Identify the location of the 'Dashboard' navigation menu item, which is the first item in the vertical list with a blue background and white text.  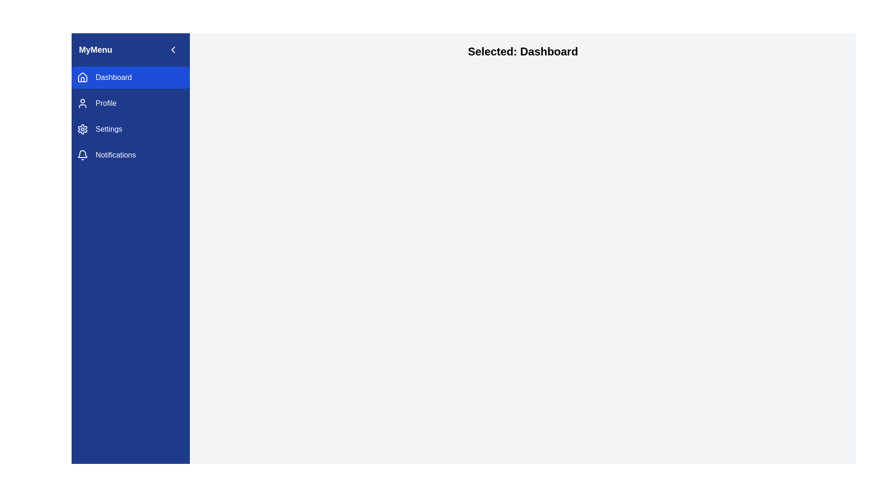
(130, 77).